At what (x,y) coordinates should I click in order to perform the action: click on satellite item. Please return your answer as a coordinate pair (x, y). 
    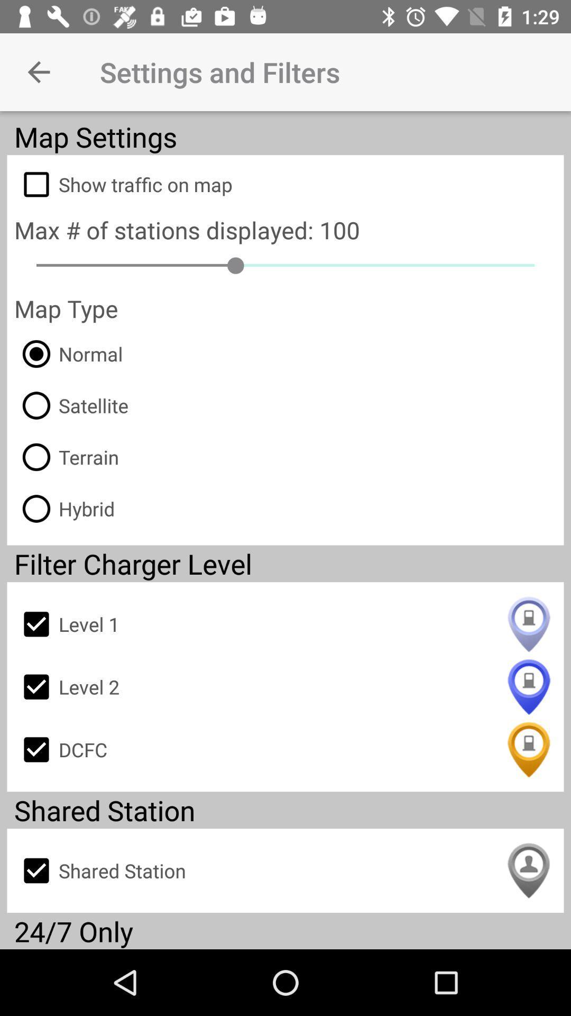
    Looking at the image, I should click on (71, 405).